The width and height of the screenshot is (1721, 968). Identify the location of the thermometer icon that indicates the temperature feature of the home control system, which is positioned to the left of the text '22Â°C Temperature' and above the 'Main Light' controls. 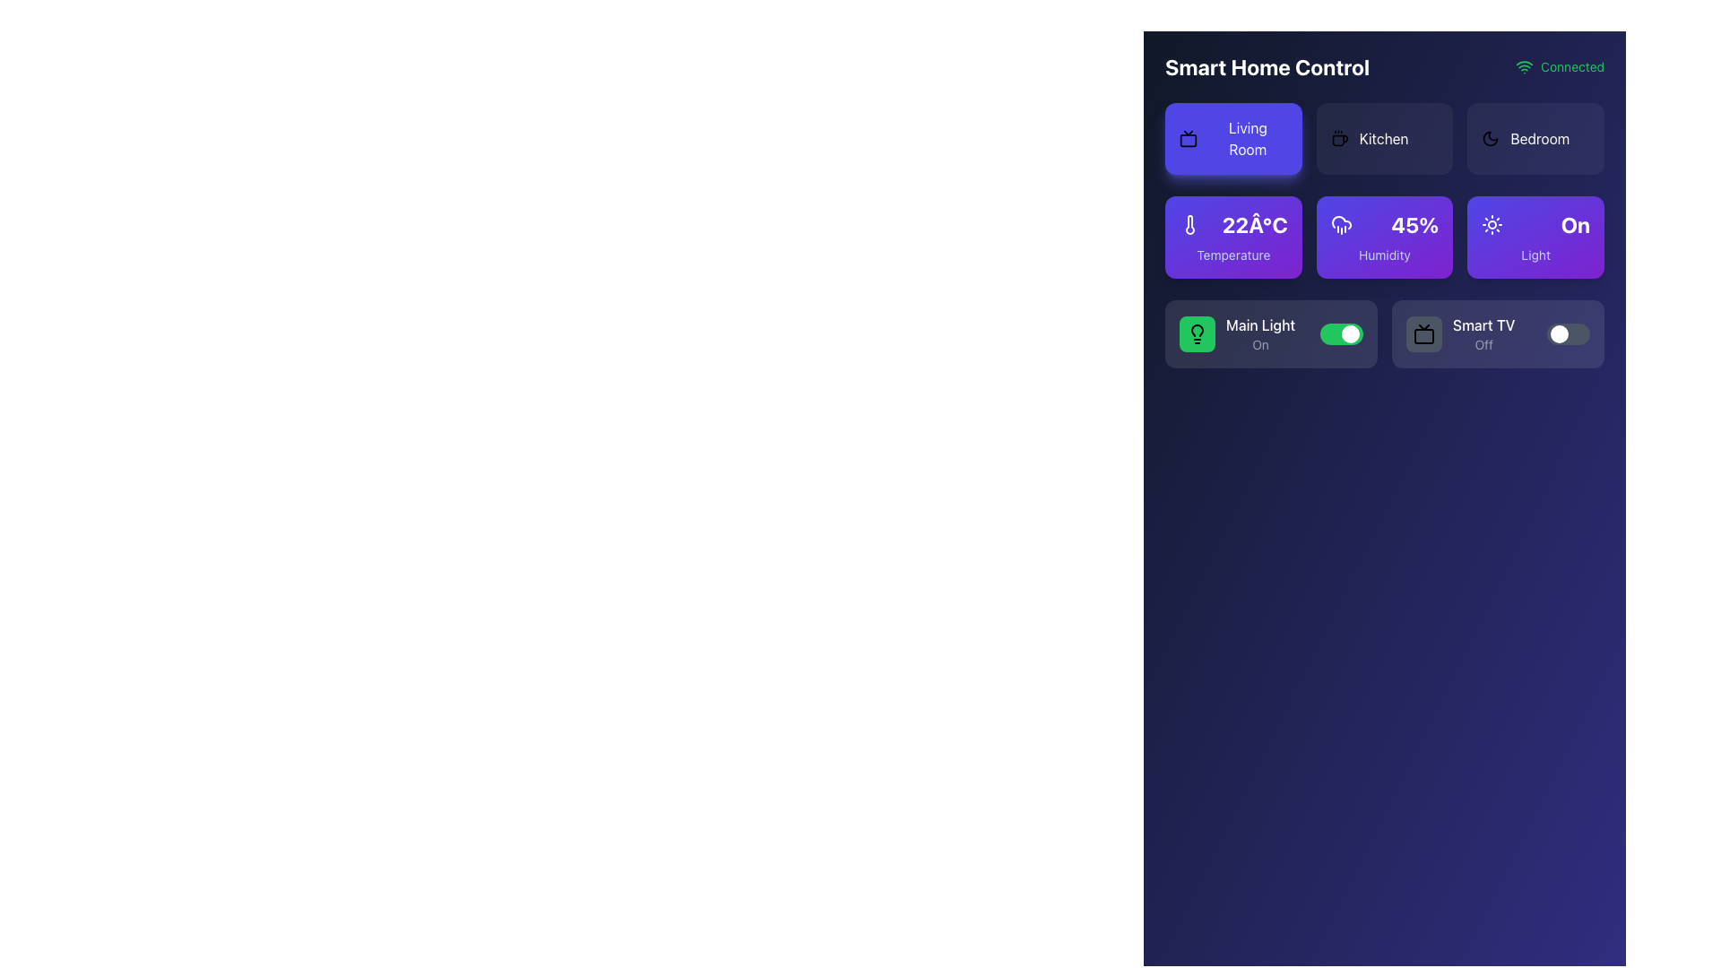
(1190, 223).